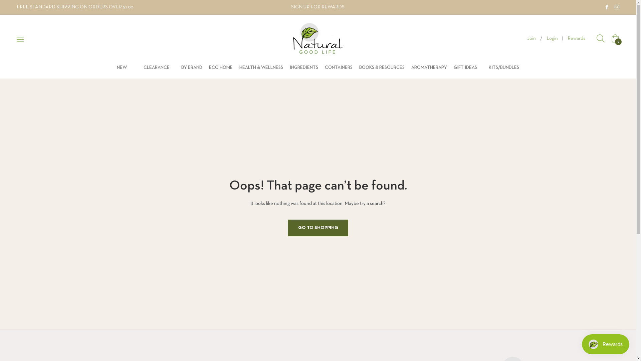  What do you see at coordinates (429, 68) in the screenshot?
I see `'AROMATHERAPY'` at bounding box center [429, 68].